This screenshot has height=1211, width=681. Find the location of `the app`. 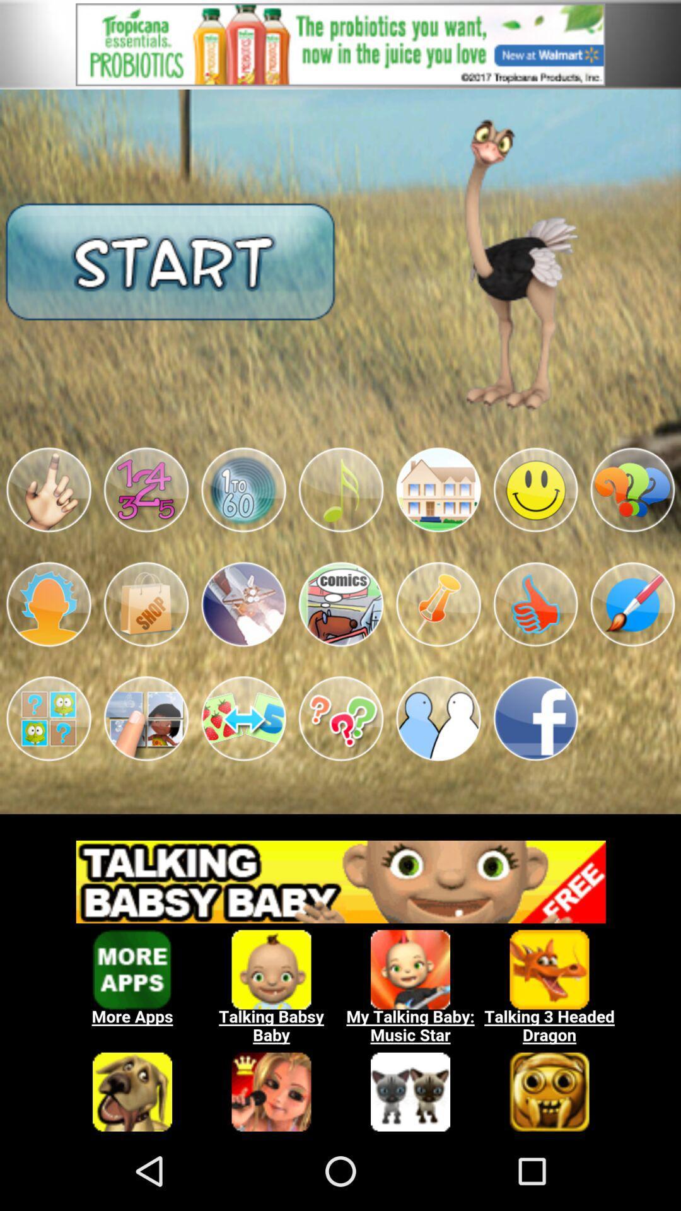

the app is located at coordinates (340, 604).